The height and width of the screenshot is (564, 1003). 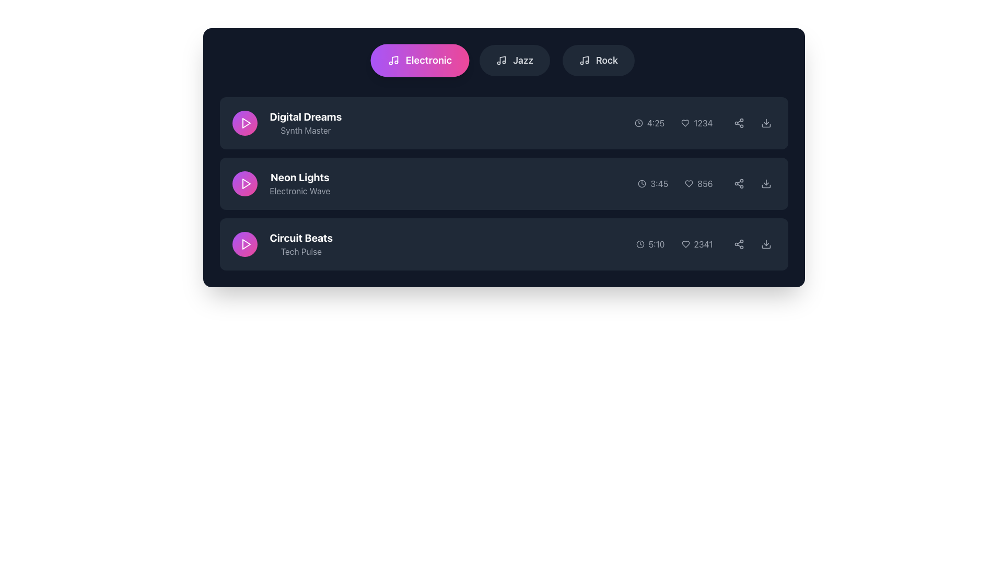 What do you see at coordinates (705, 122) in the screenshot?
I see `the Display component that shows the duration and number of likes for the media item 'Digital Dreams', located in the first list item near the right side` at bounding box center [705, 122].